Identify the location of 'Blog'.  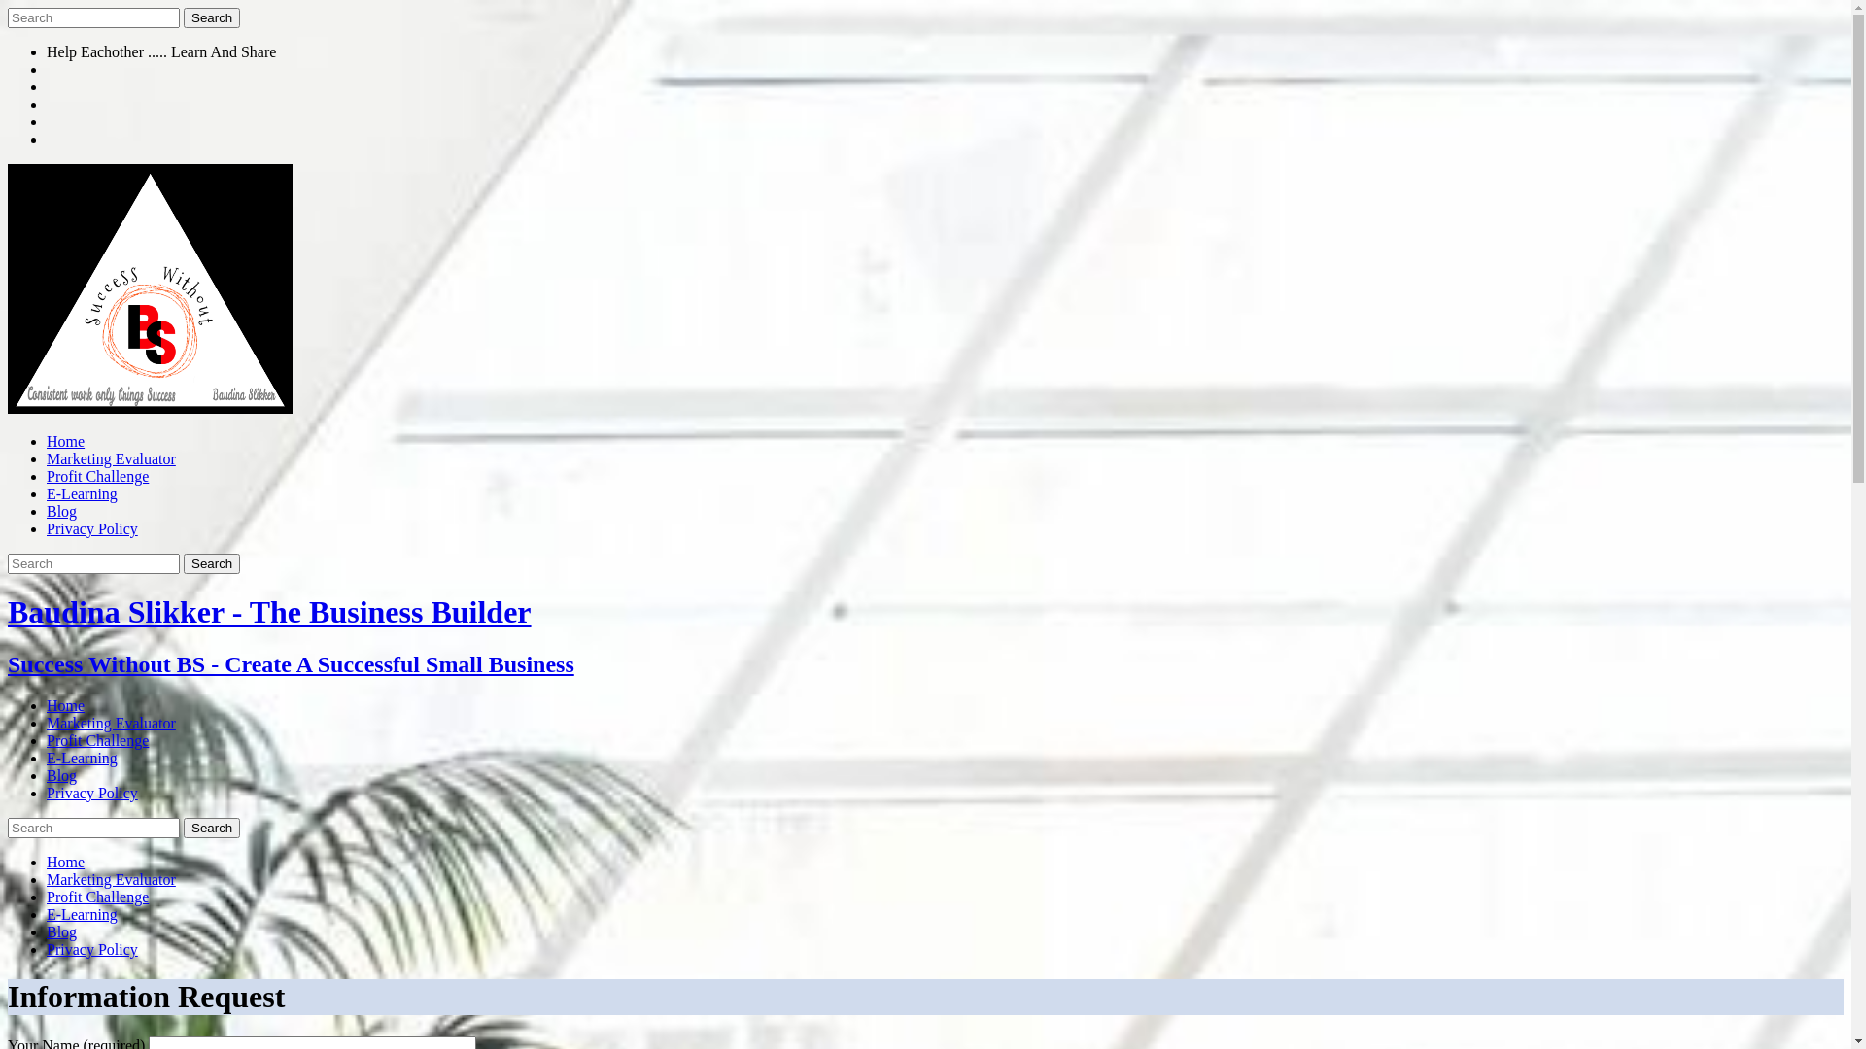
(61, 931).